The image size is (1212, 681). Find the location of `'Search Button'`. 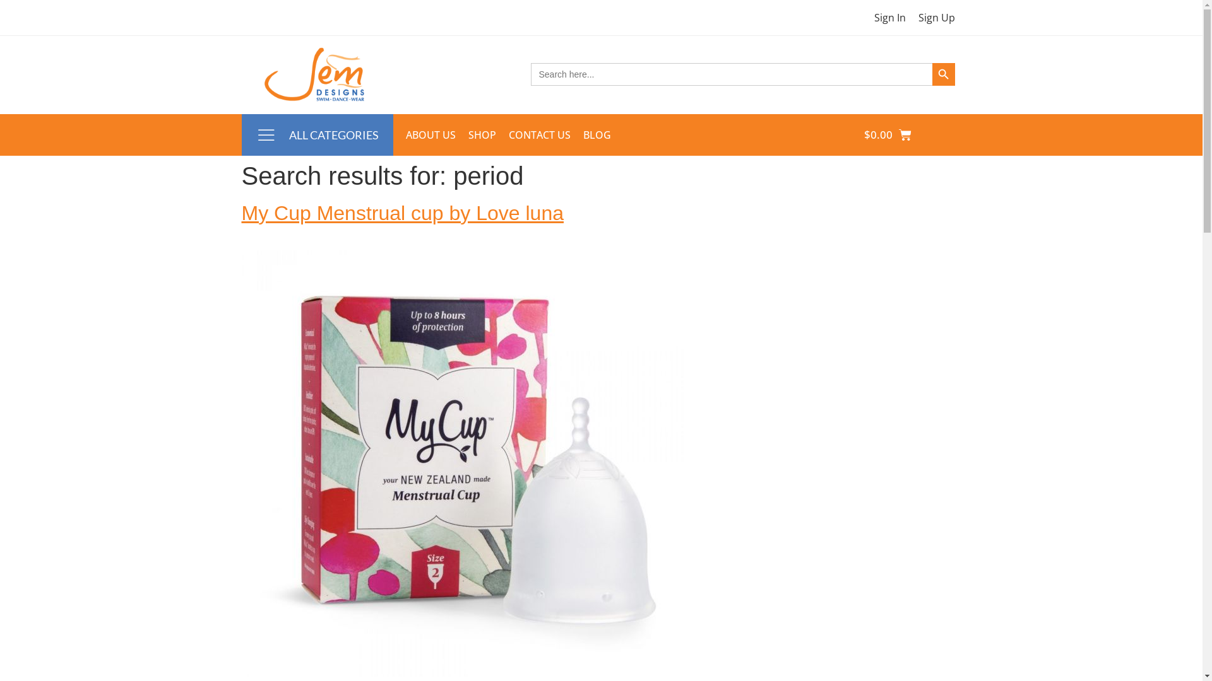

'Search Button' is located at coordinates (932, 74).